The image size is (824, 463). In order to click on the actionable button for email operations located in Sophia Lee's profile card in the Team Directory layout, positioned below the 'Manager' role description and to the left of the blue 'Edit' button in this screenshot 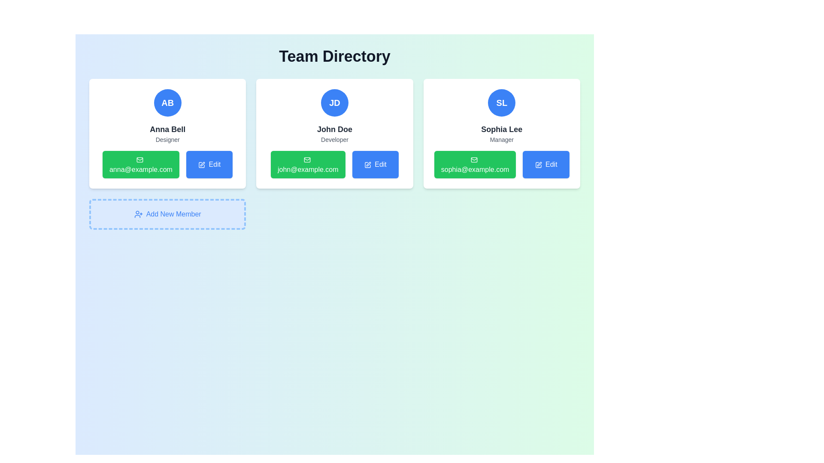, I will do `click(475, 165)`.